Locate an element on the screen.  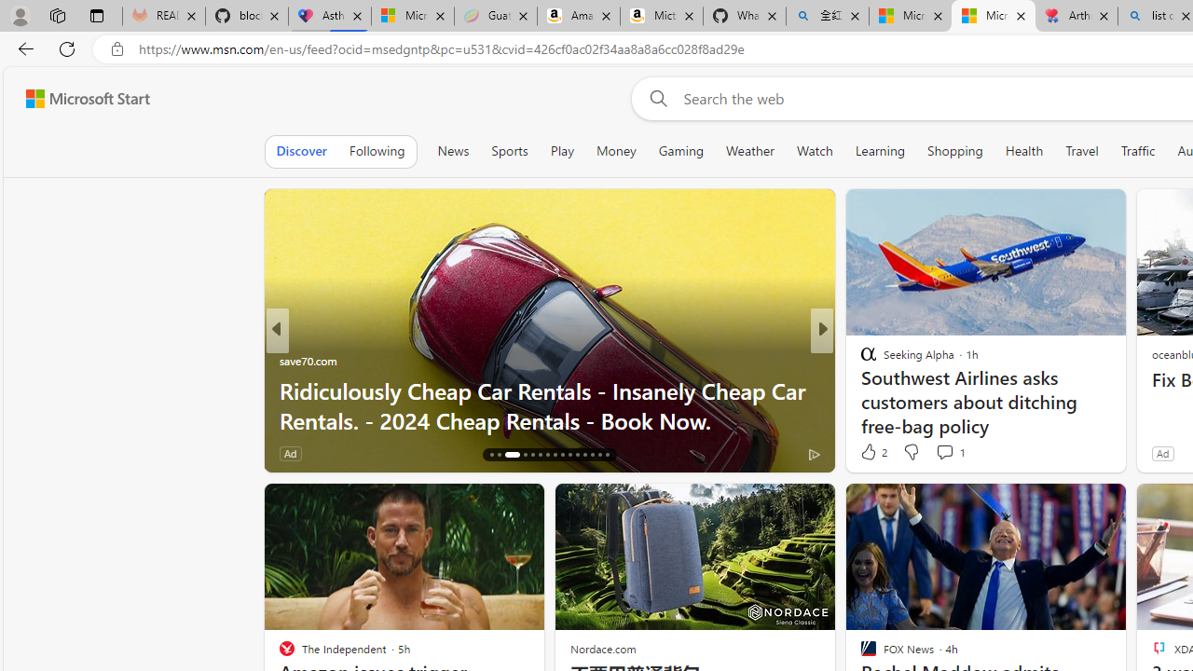
'Workspaces' is located at coordinates (57, 15).